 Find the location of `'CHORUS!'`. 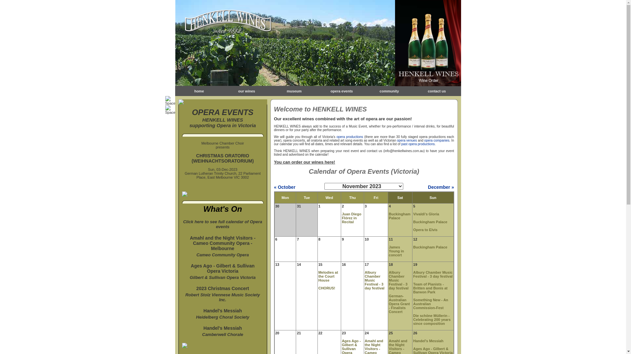

'CHORUS!' is located at coordinates (327, 288).